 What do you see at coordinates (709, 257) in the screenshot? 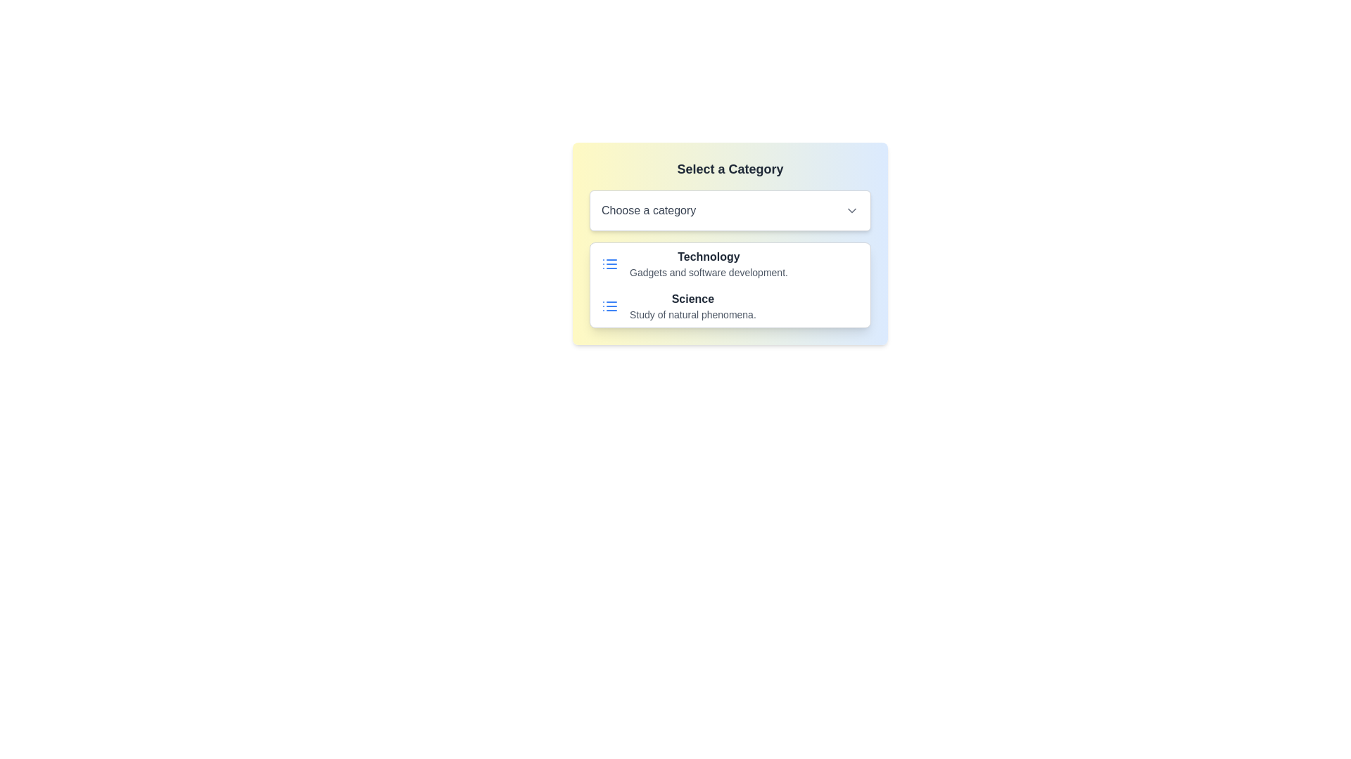
I see `the text label displaying 'Technology' in bold dark gray font, located under the 'Select a Category' section, just above the description 'Gadgets and software development'` at bounding box center [709, 257].